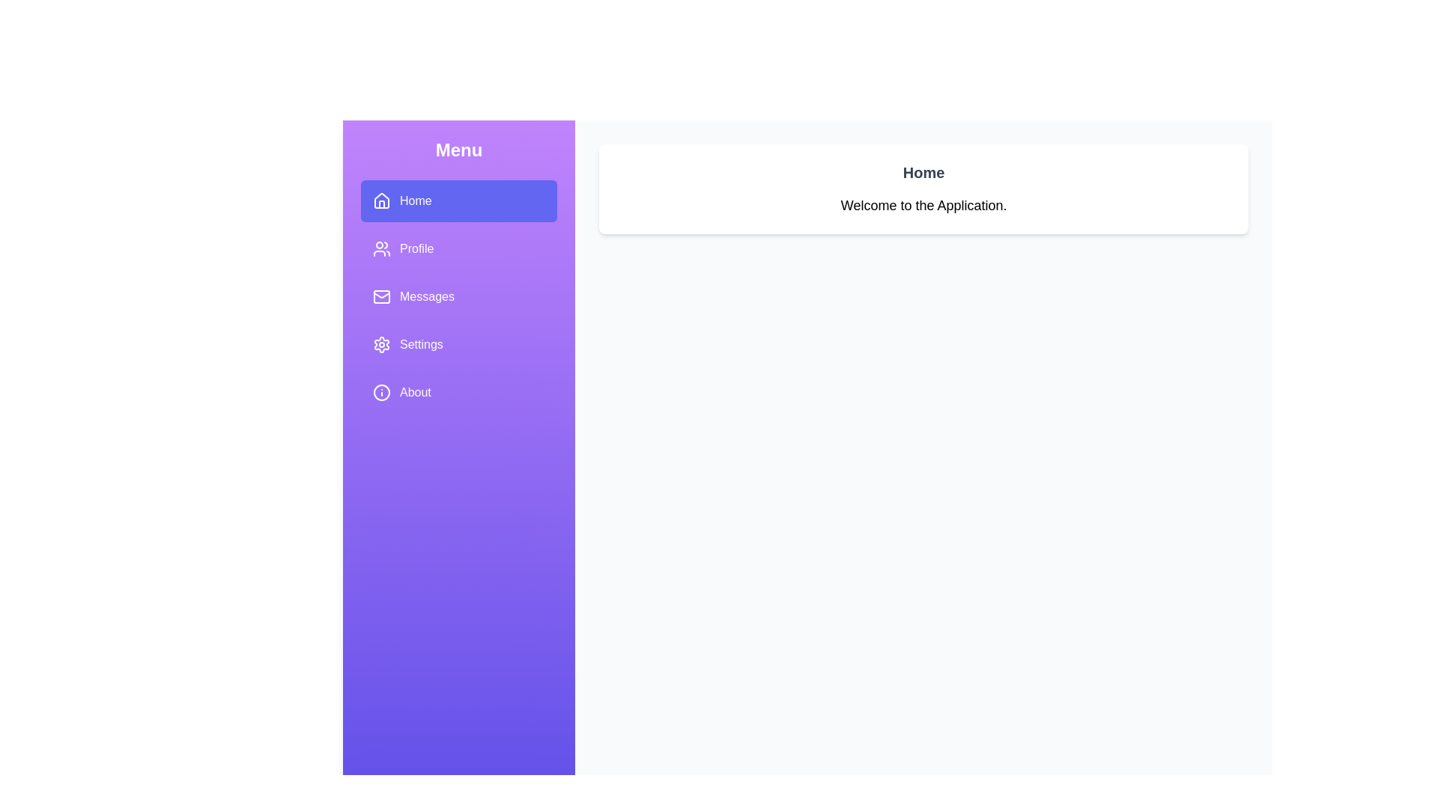 Image resolution: width=1438 pixels, height=808 pixels. I want to click on the envelope icon representing the 'Messages' menu item in the sidebar, which is the third item listed under 'Home' and 'Profile', so click(381, 297).